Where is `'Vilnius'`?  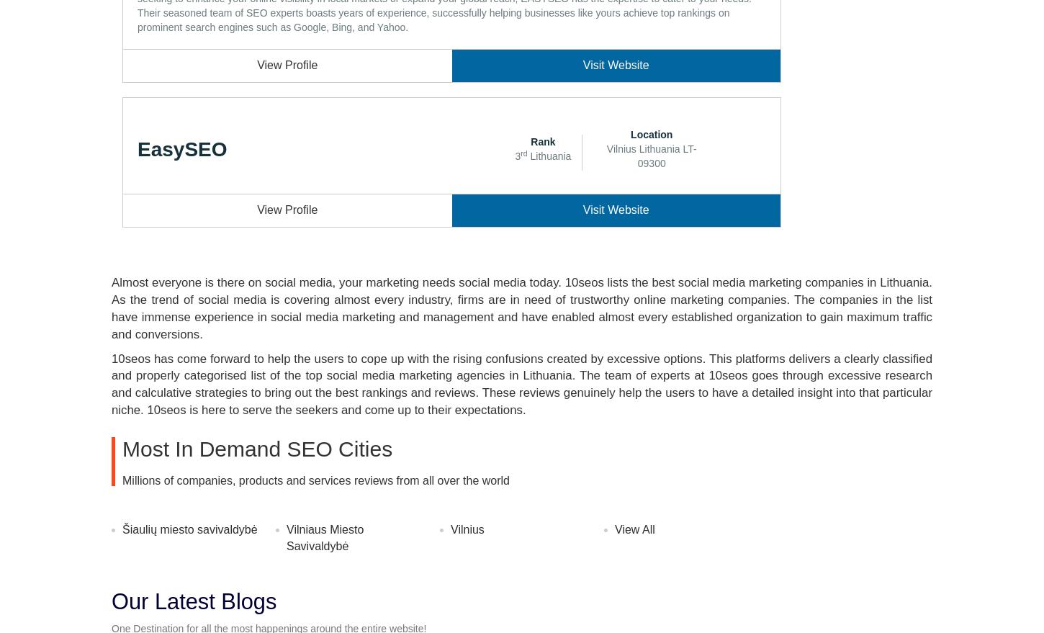 'Vilnius' is located at coordinates (449, 529).